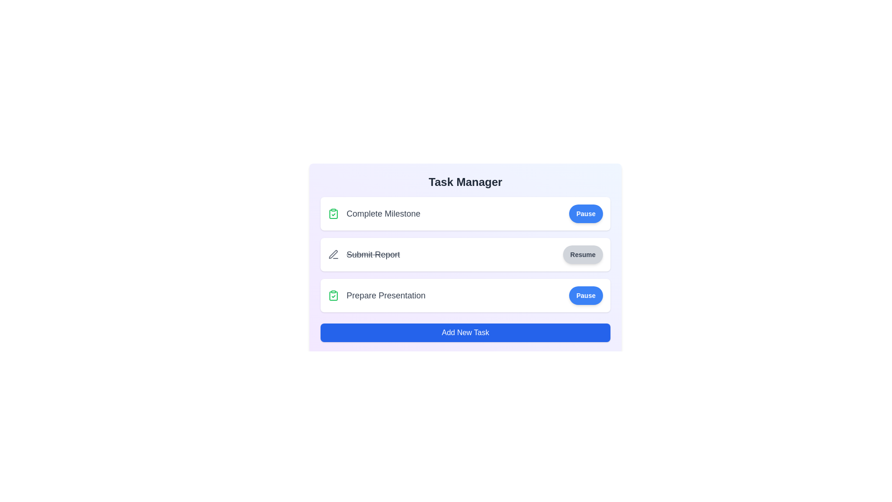  I want to click on 'Add New Task' button to add a new task, so click(466, 332).